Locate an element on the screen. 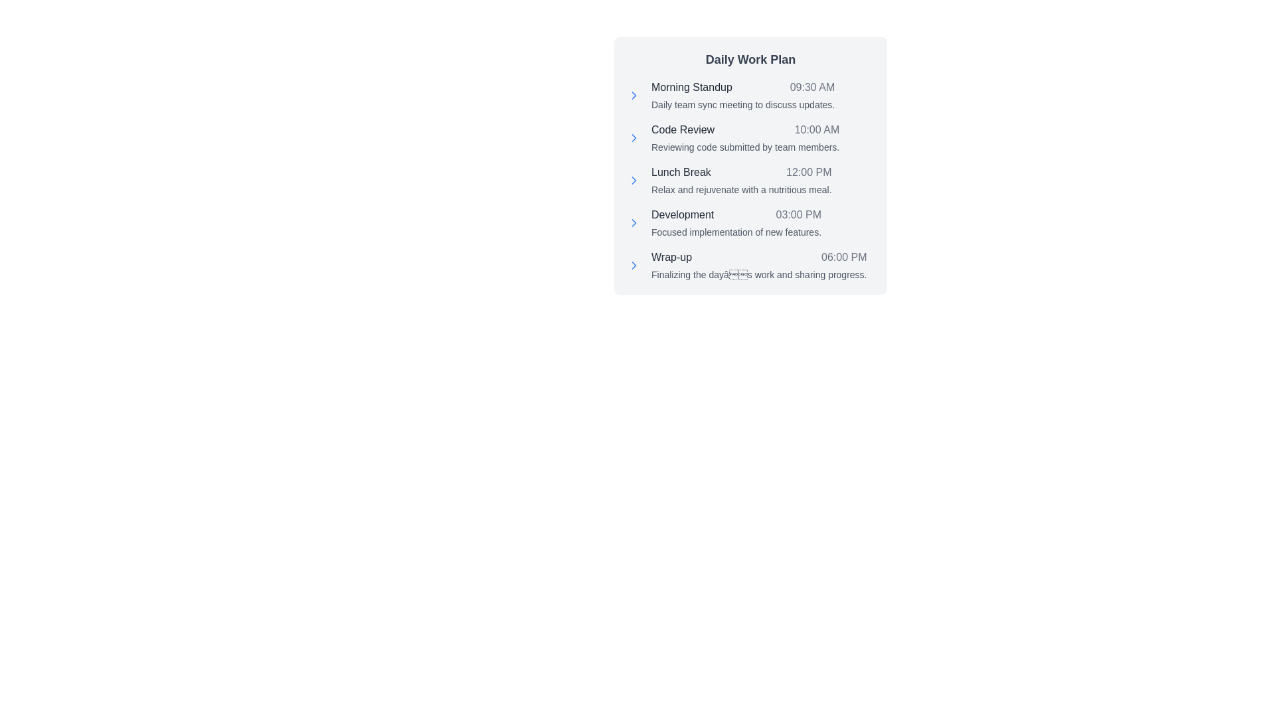 The image size is (1275, 717). the fourth entry is located at coordinates (750, 222).